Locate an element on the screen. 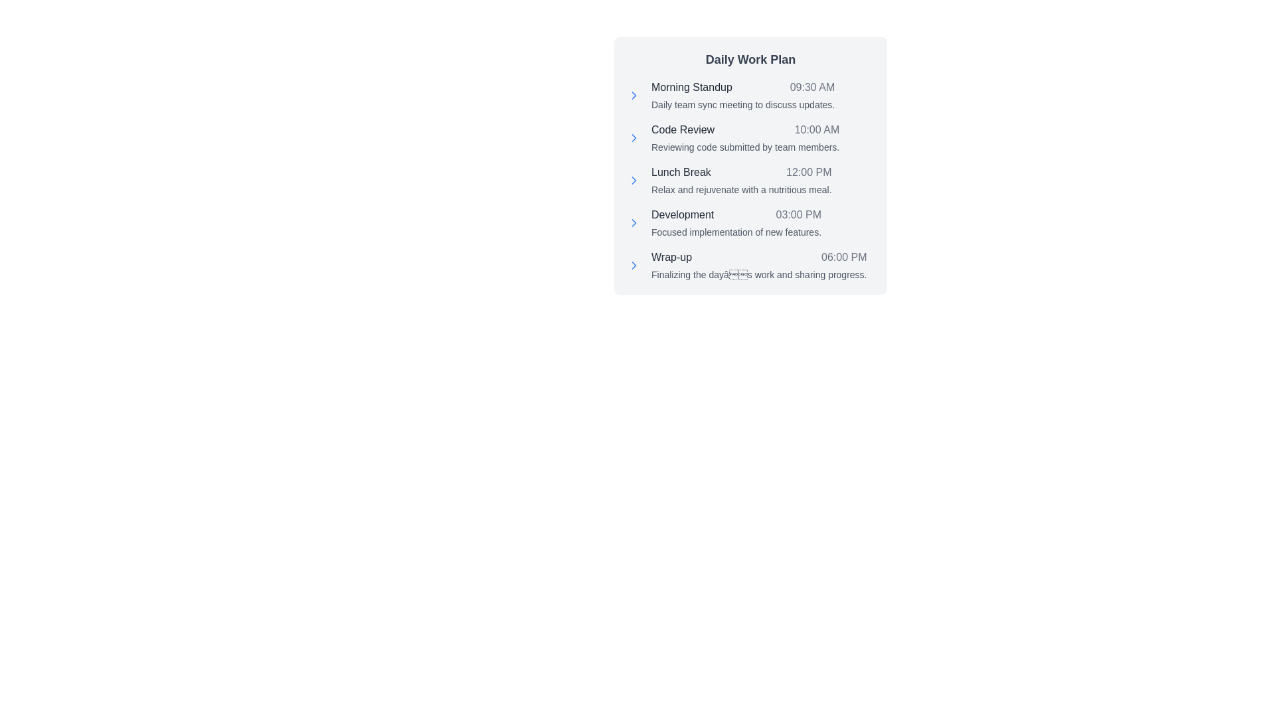 The image size is (1275, 717). the fourth entry is located at coordinates (750, 222).